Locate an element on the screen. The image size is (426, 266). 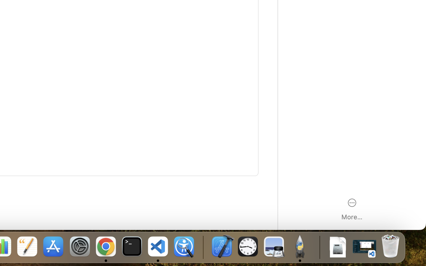
'0.4285714328289032' is located at coordinates (203, 247).